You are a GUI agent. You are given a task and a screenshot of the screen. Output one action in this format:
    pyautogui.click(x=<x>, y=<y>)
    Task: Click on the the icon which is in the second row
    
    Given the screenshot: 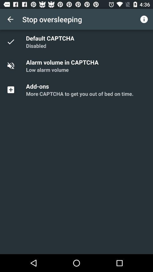 What is the action you would take?
    pyautogui.click(x=14, y=66)
    